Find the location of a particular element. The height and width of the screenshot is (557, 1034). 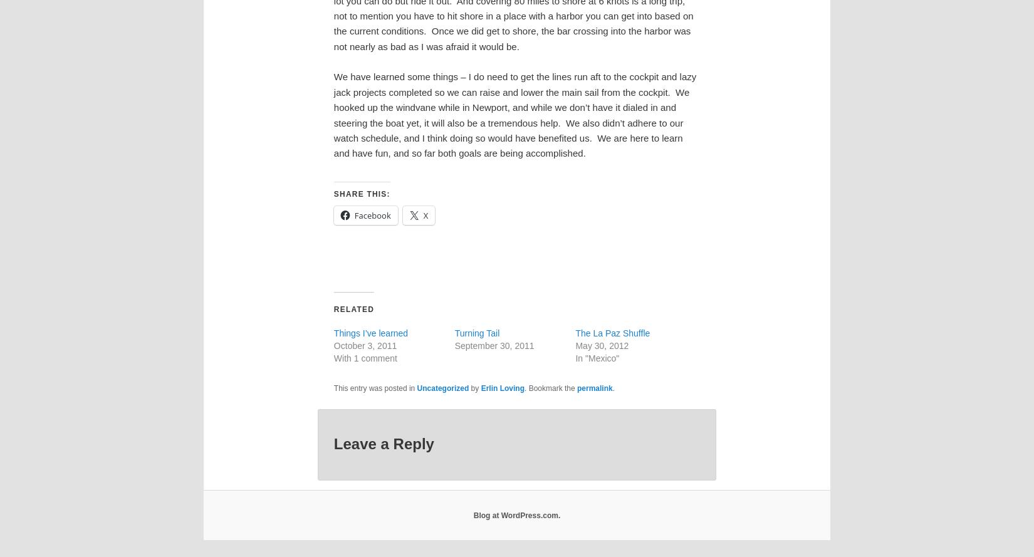

'X' is located at coordinates (424, 214).